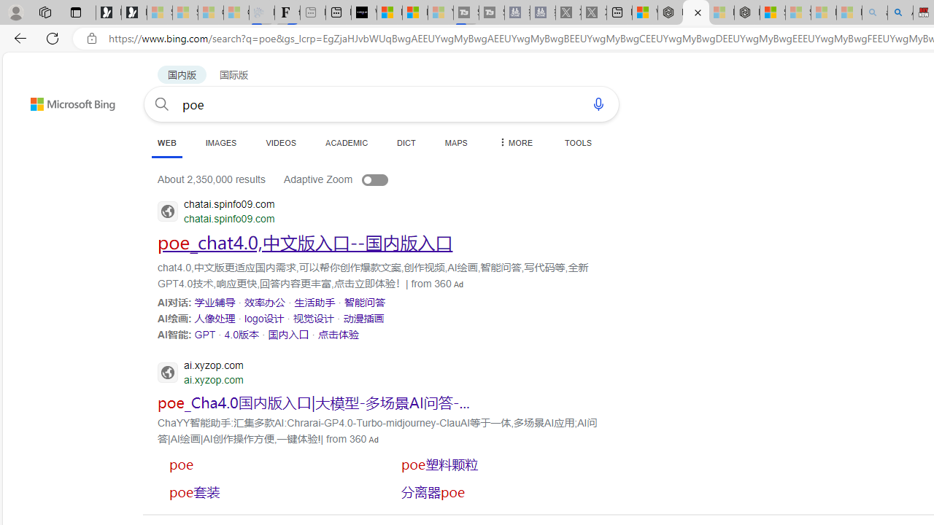 This screenshot has height=525, width=934. What do you see at coordinates (166, 144) in the screenshot?
I see `'WEB'` at bounding box center [166, 144].